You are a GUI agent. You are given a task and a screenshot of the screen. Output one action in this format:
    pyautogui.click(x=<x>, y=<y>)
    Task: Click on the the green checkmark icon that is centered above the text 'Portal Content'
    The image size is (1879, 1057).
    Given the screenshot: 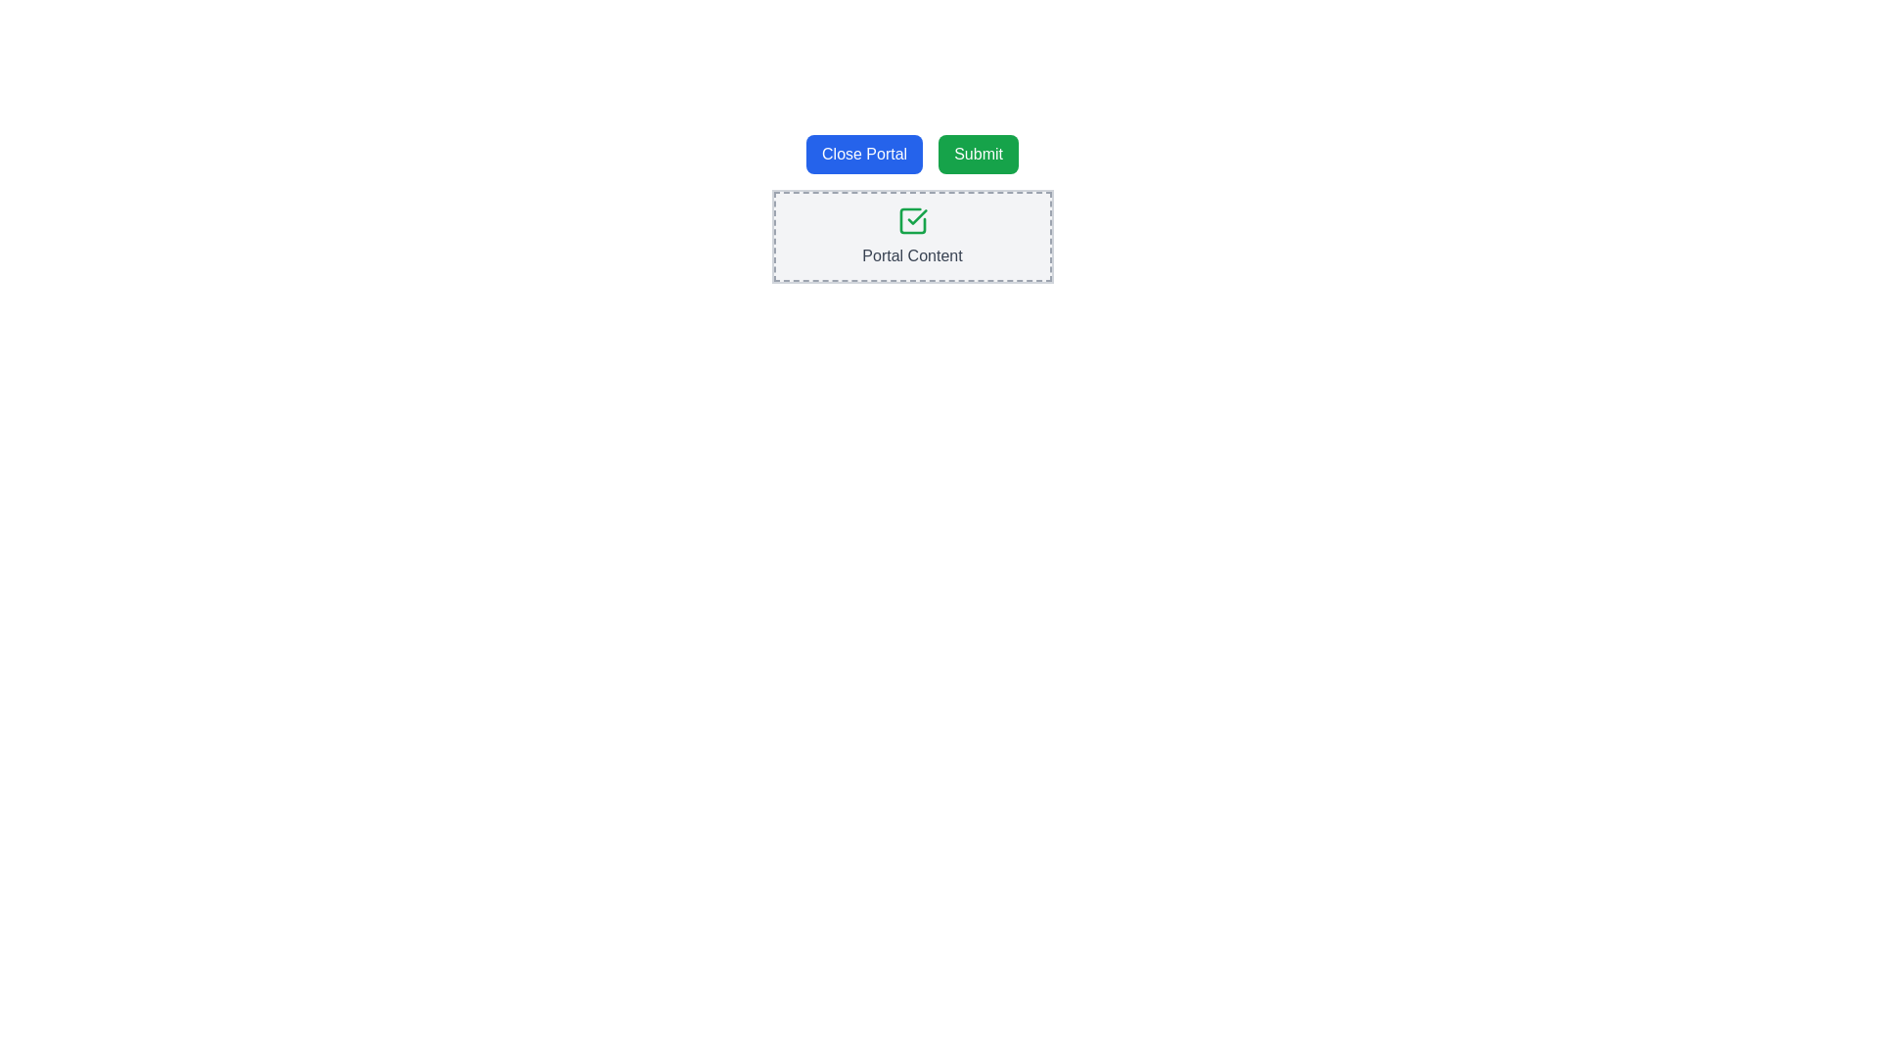 What is the action you would take?
    pyautogui.click(x=911, y=220)
    